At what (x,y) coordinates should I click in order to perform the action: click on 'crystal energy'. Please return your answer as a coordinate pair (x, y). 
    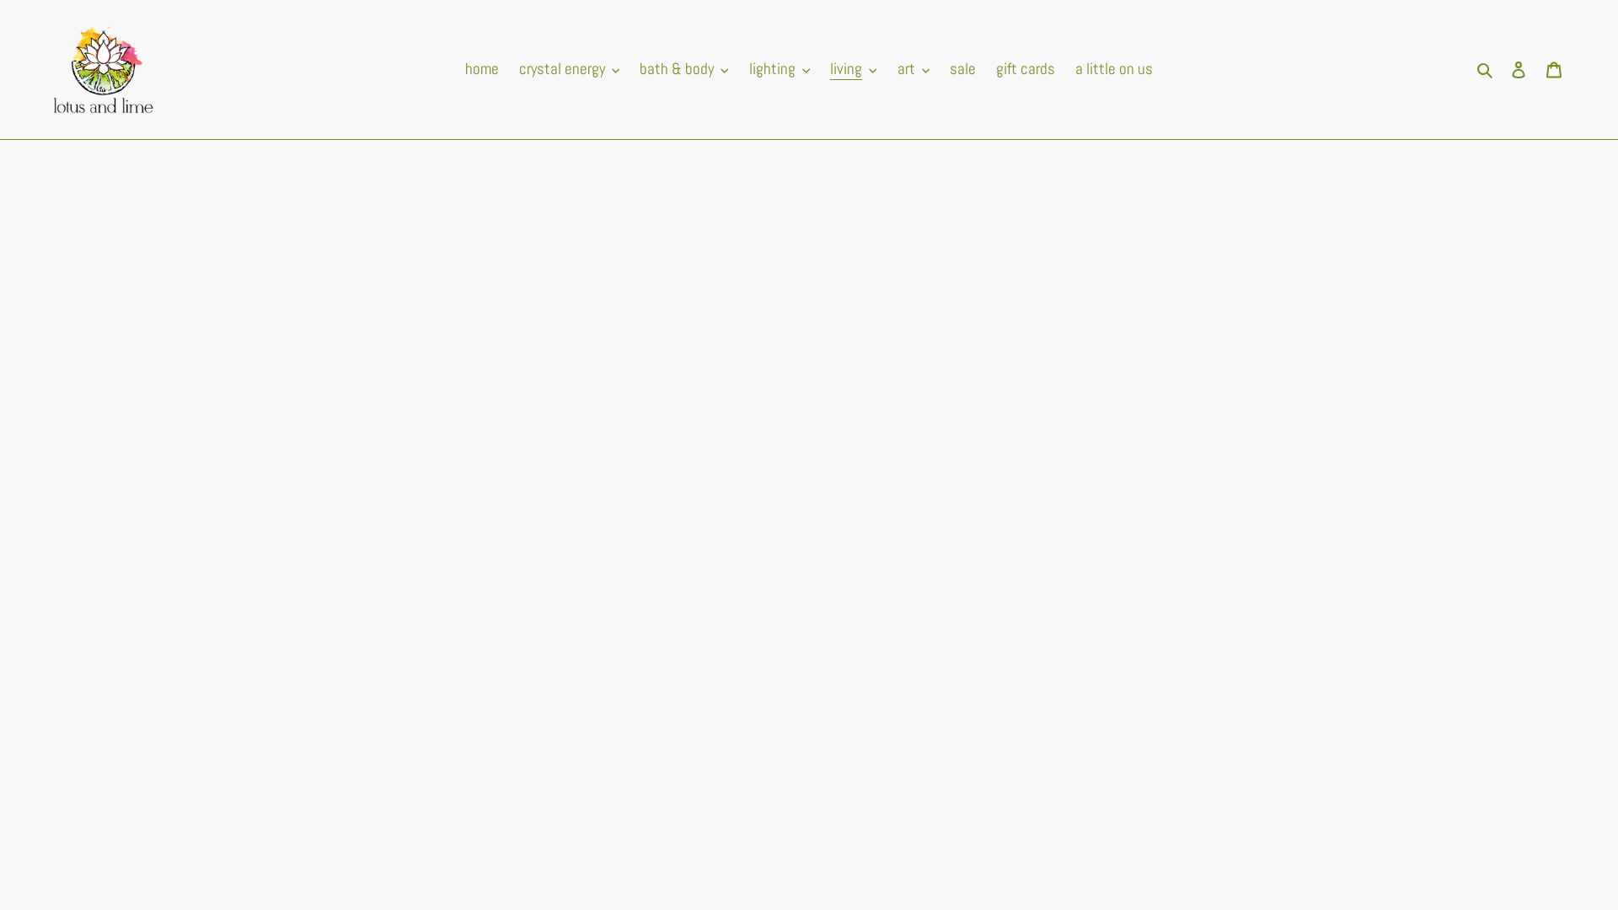
    Looking at the image, I should click on (570, 68).